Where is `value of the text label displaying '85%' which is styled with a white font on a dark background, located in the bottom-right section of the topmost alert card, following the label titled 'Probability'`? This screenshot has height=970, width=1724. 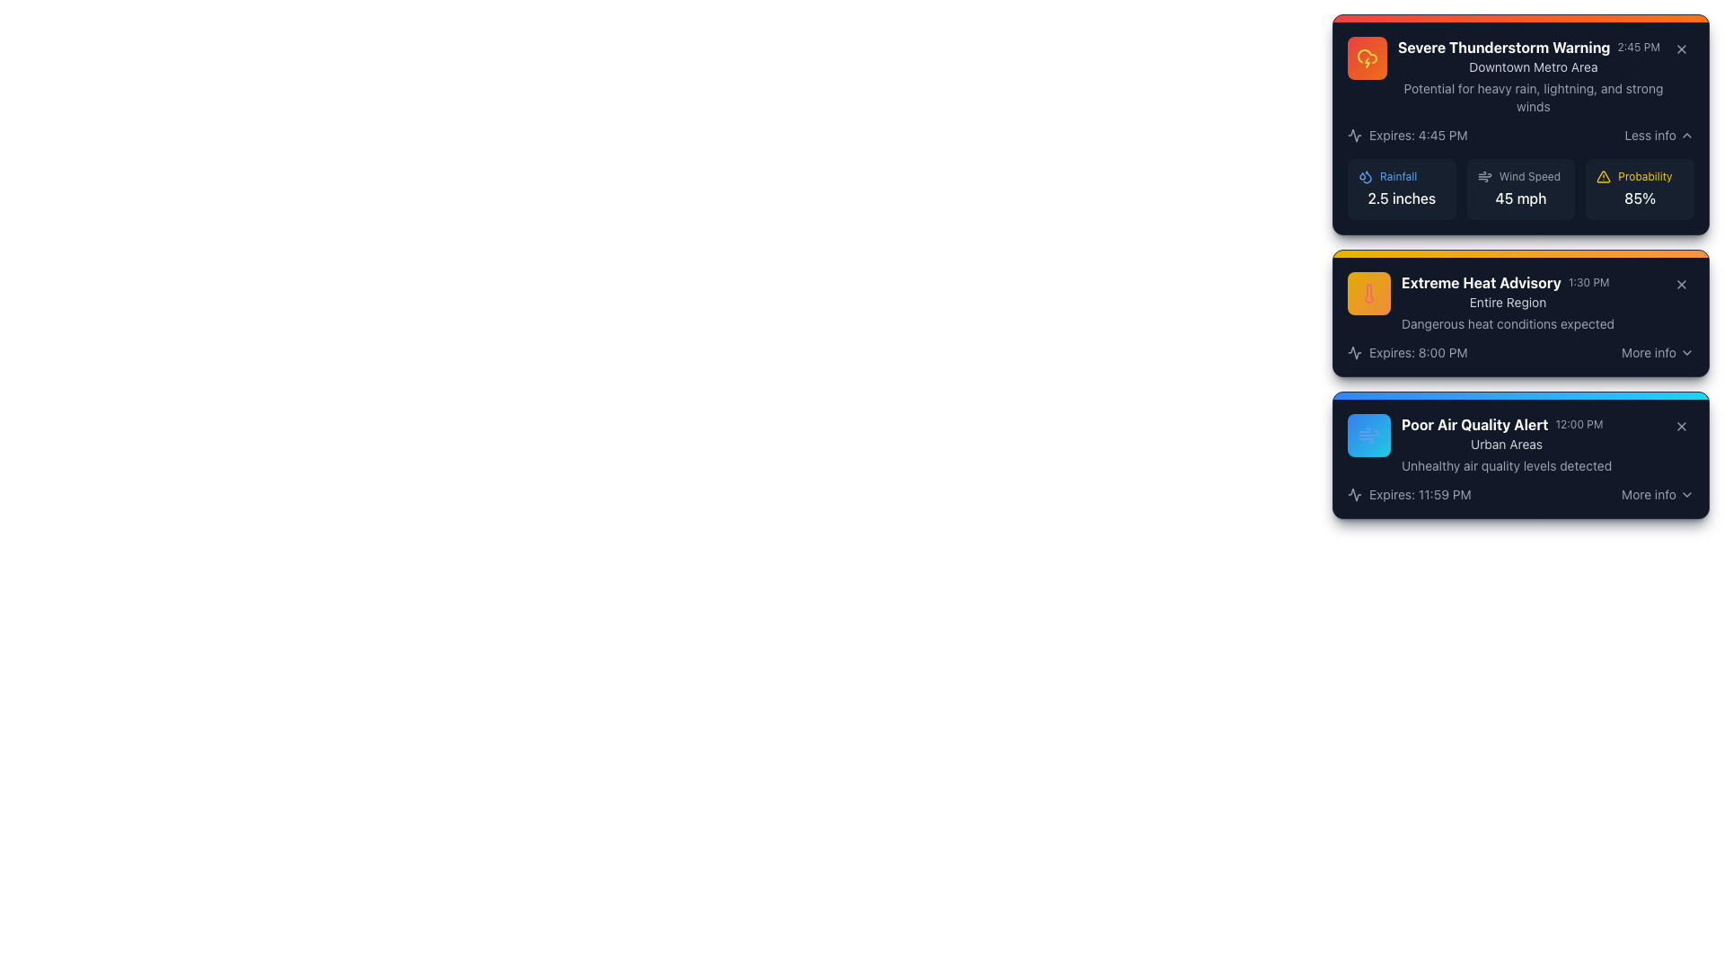 value of the text label displaying '85%' which is styled with a white font on a dark background, located in the bottom-right section of the topmost alert card, following the label titled 'Probability' is located at coordinates (1640, 198).